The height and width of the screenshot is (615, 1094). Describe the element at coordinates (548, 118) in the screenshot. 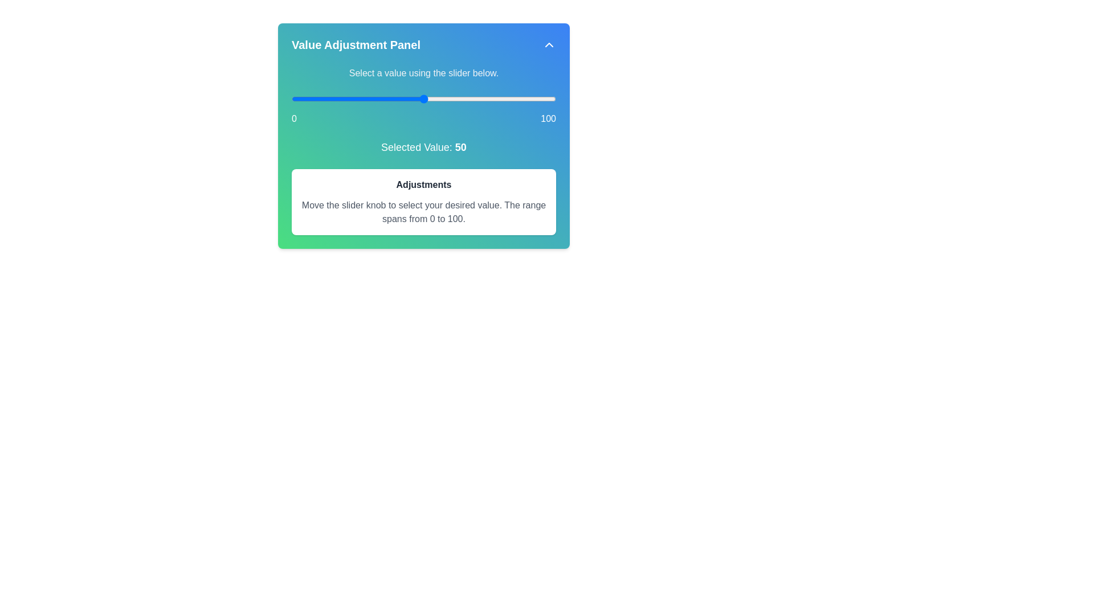

I see `the static text label displaying '100' in white color against a blue gradient background, located at the top-right corner of the panel near the slider's maximum value` at that location.